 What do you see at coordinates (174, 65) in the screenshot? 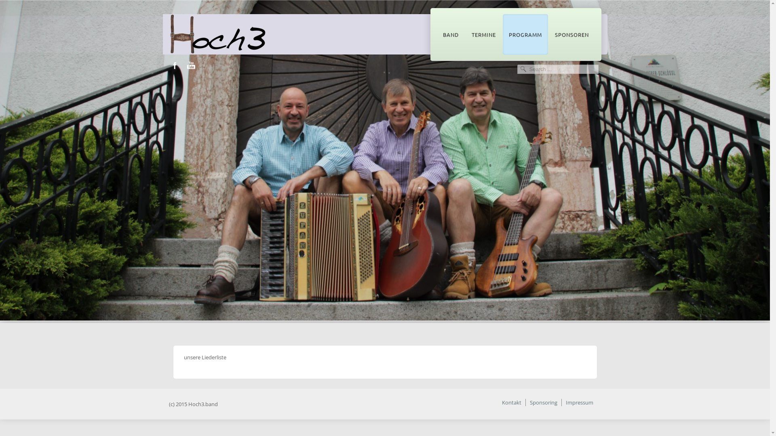
I see `'Facebook'` at bounding box center [174, 65].